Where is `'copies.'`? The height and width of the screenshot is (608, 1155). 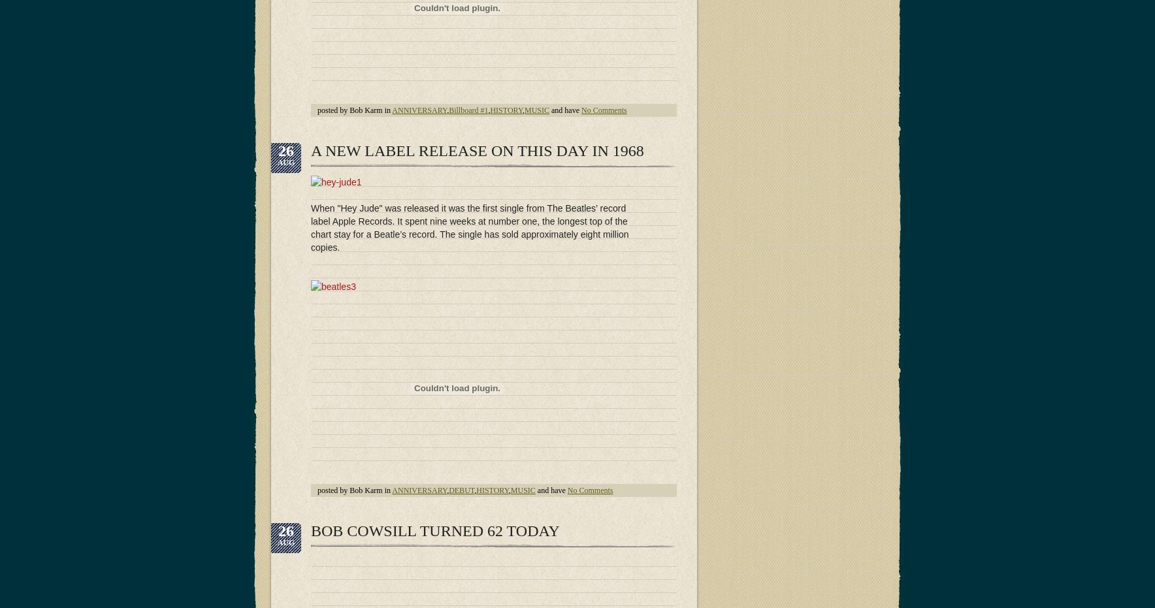 'copies.' is located at coordinates (310, 246).